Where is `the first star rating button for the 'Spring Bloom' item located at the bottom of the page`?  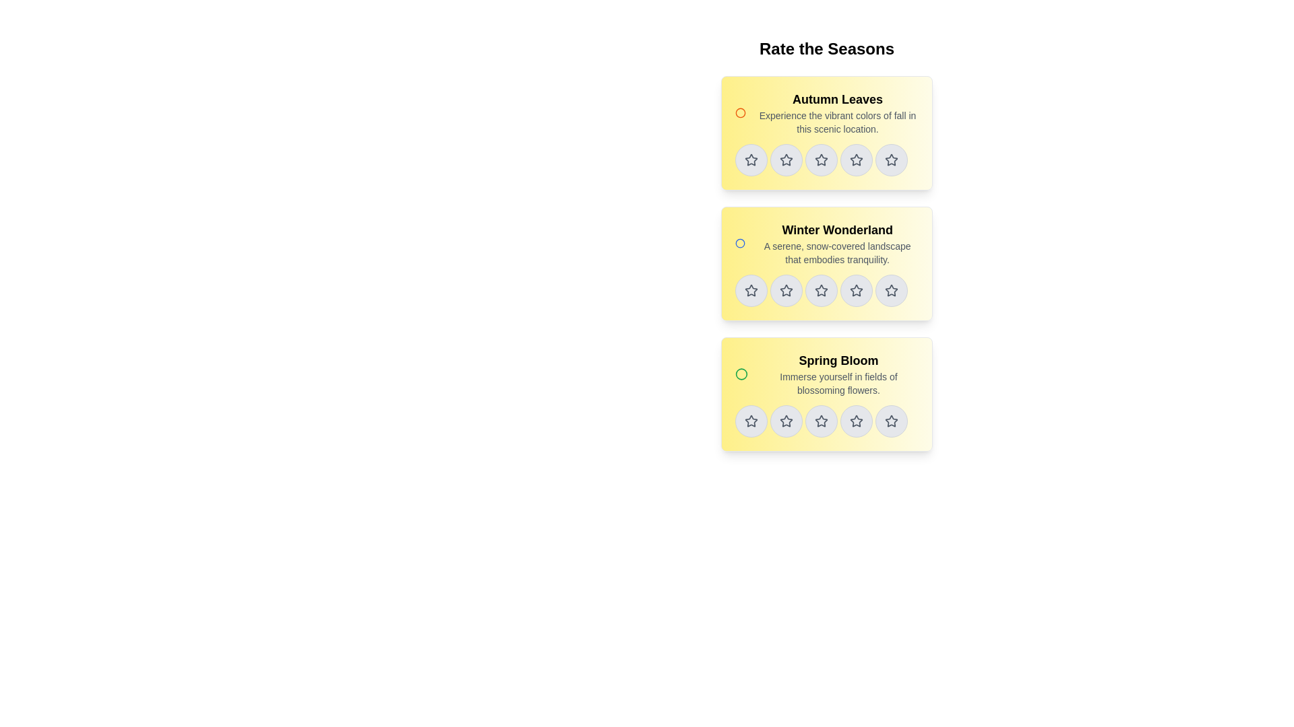 the first star rating button for the 'Spring Bloom' item located at the bottom of the page is located at coordinates (750, 420).